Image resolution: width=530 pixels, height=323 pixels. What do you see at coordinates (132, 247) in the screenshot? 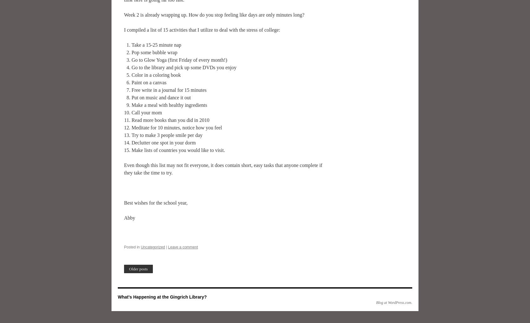
I see `'Posted in'` at bounding box center [132, 247].